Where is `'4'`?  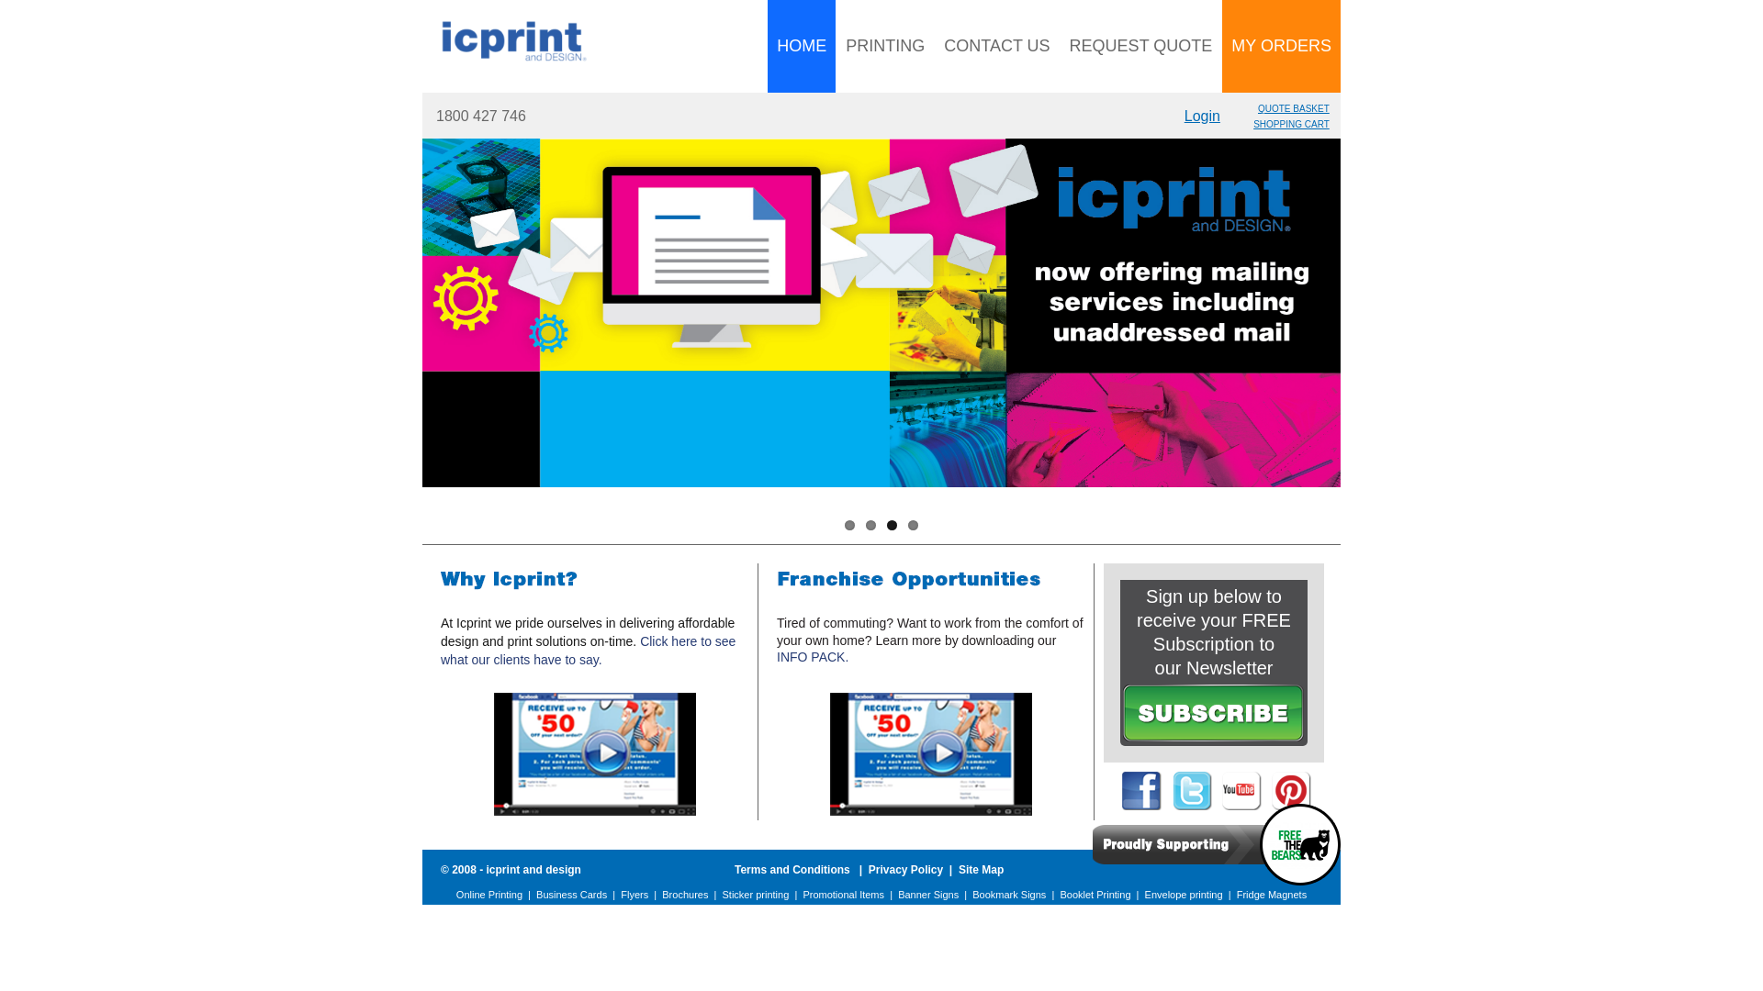 '4' is located at coordinates (913, 525).